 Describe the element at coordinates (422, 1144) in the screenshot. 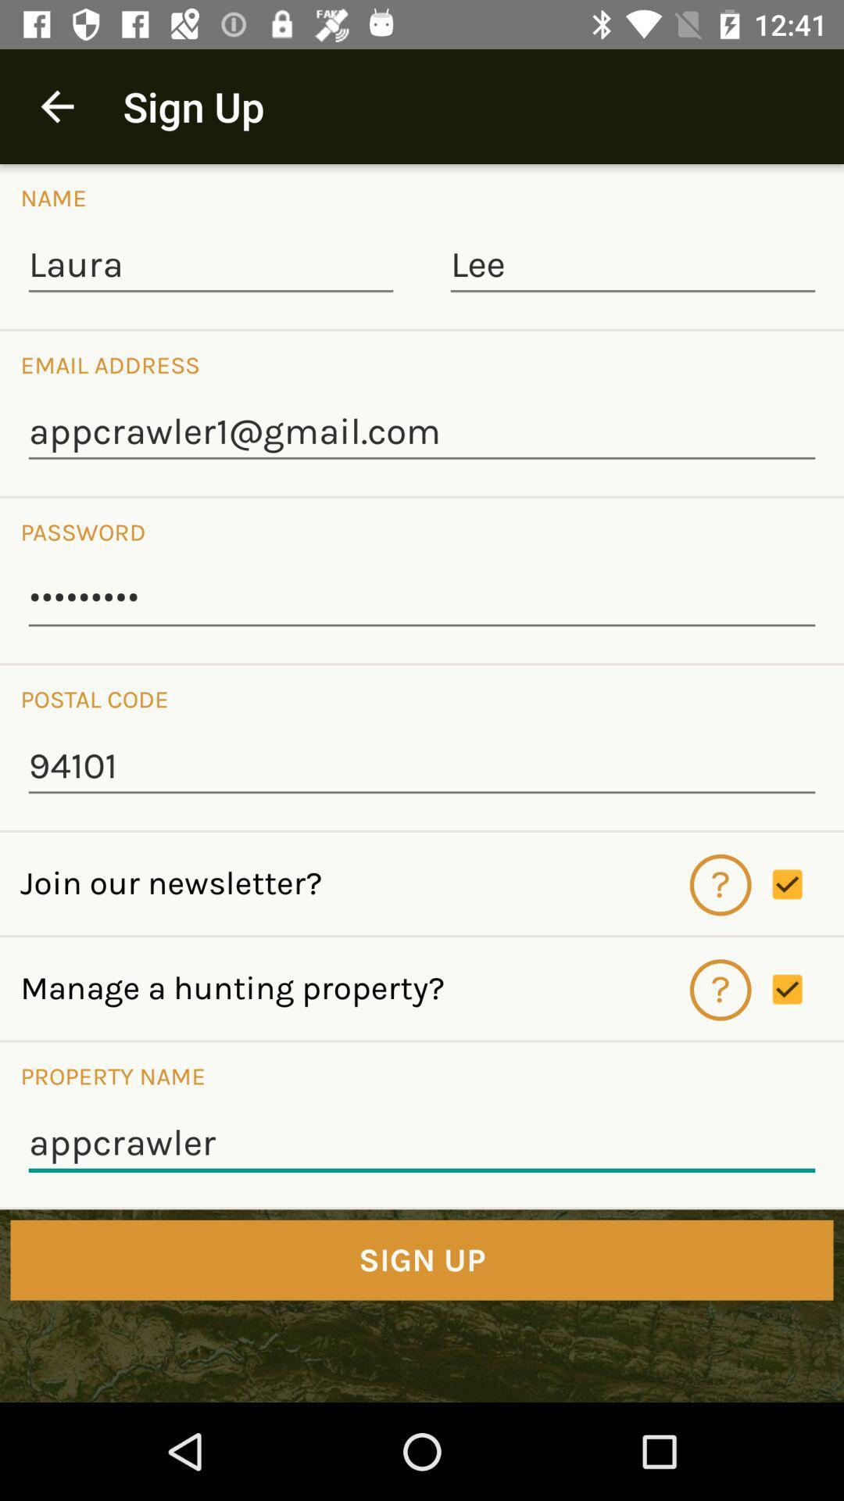

I see `the icon below the property name icon` at that location.